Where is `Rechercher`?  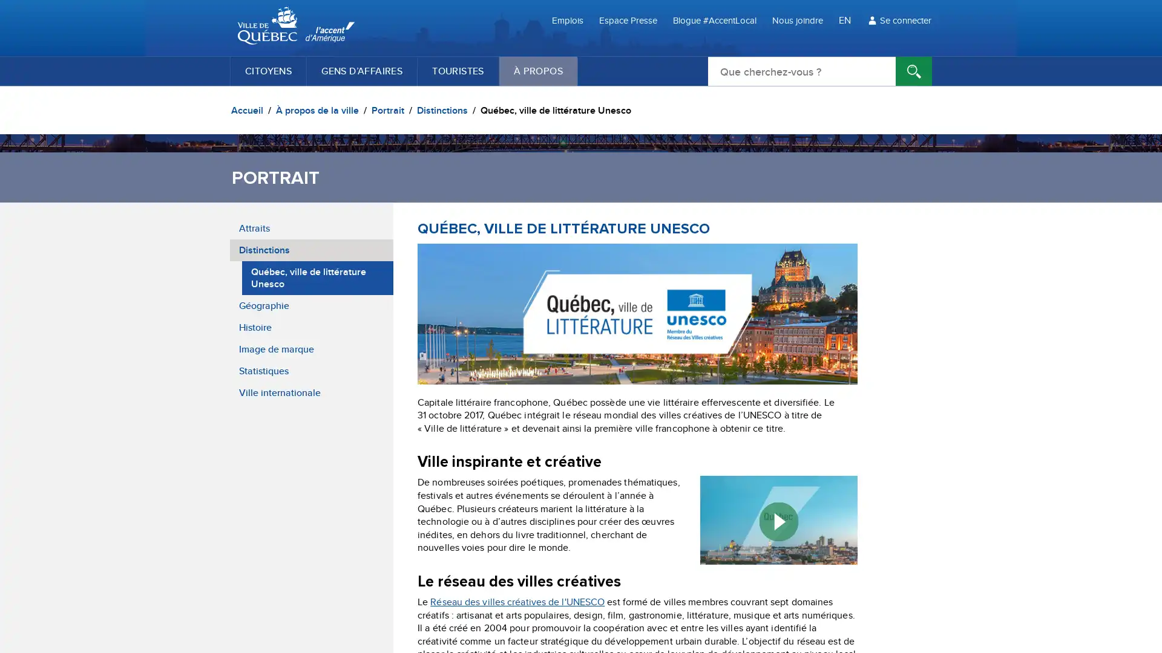 Rechercher is located at coordinates (914, 71).